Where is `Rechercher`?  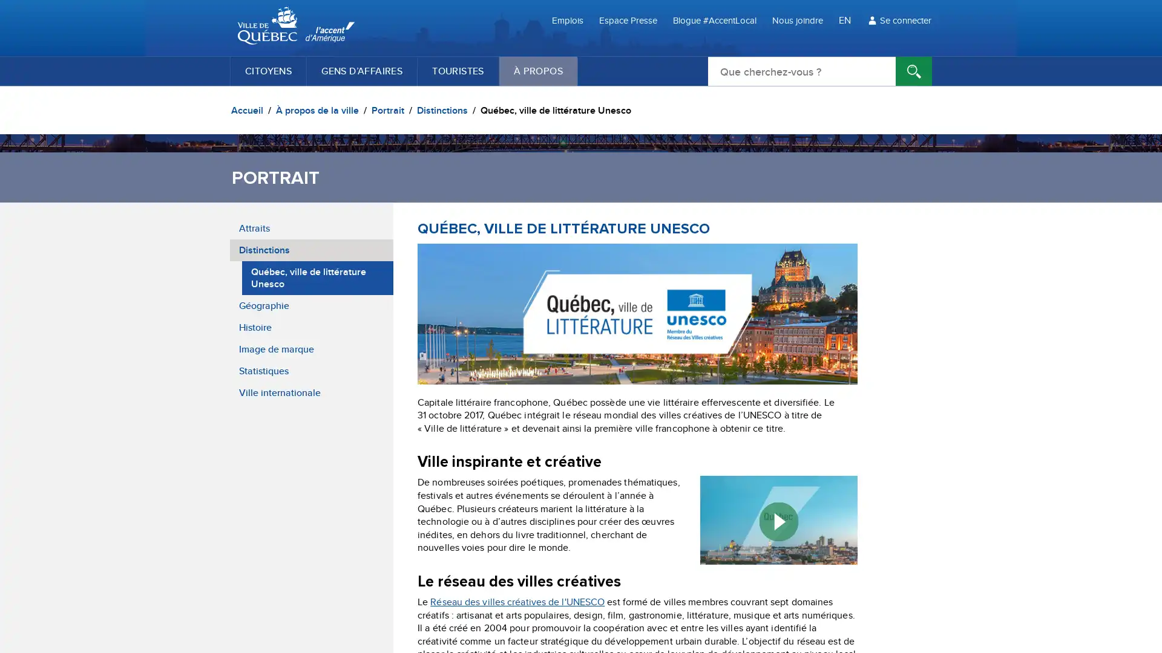 Rechercher is located at coordinates (914, 71).